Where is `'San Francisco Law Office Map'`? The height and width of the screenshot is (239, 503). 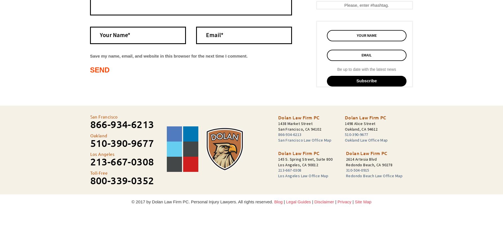
'San Francisco Law Office Map' is located at coordinates (304, 140).